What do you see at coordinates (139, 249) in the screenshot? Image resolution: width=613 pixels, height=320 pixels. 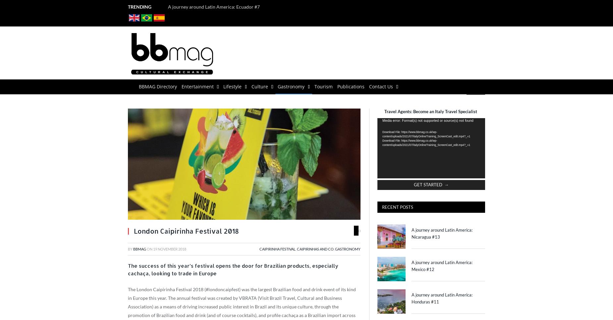 I see `'BBMag'` at bounding box center [139, 249].